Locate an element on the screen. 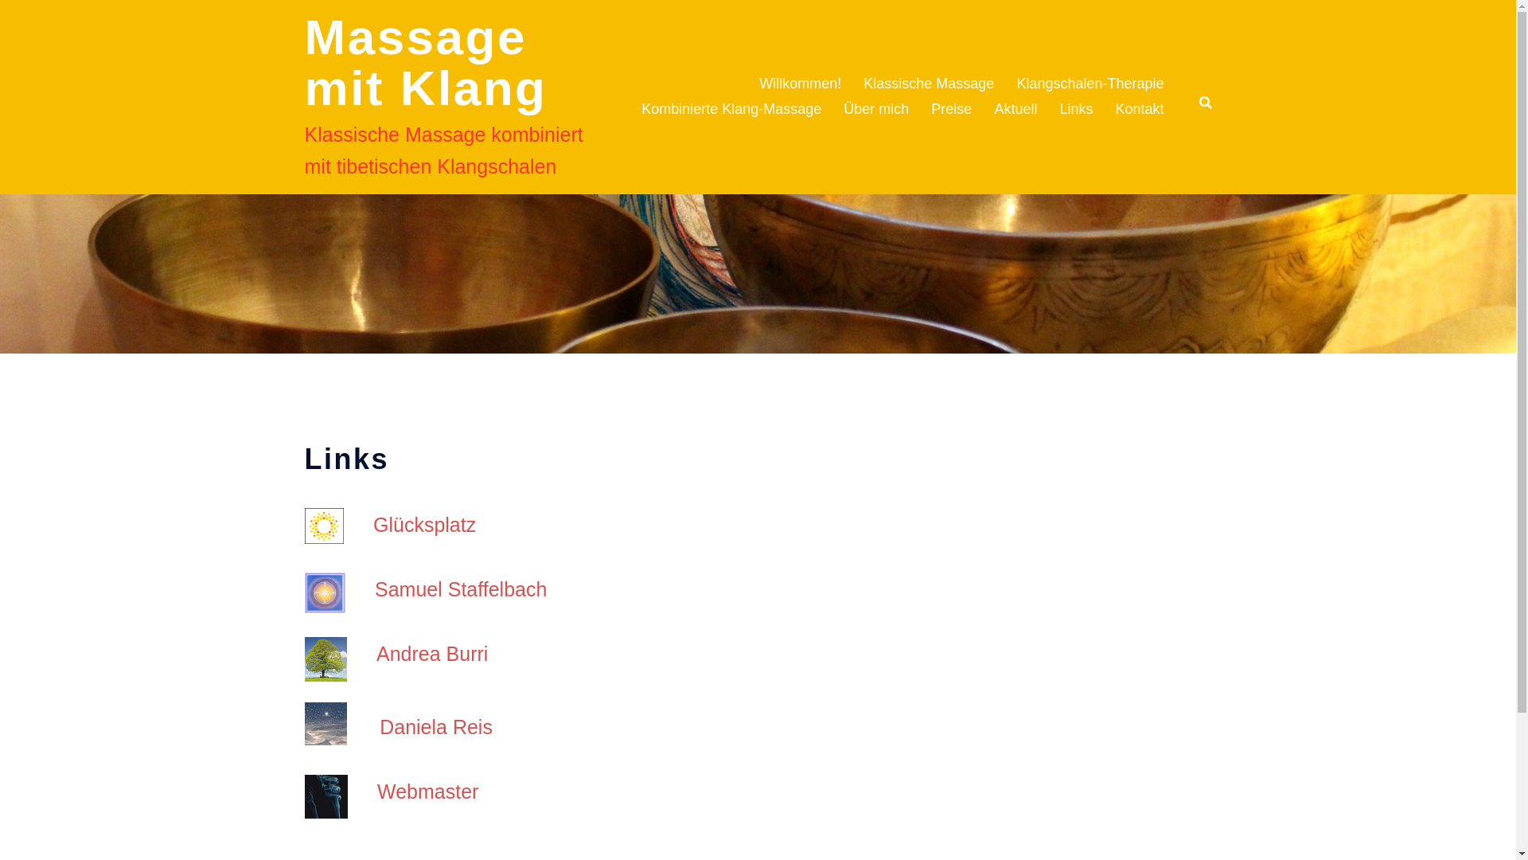 The width and height of the screenshot is (1528, 860). 'Aktuell' is located at coordinates (1015, 109).